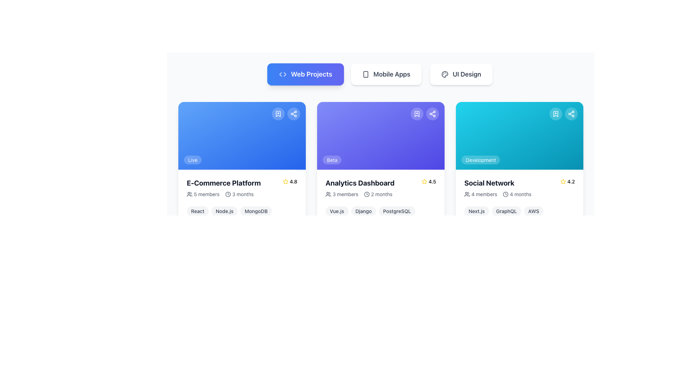 The image size is (678, 381). Describe the element at coordinates (432, 114) in the screenshot. I see `the sharing icon located inside the rounded button in the top-right corner of the second card in a horizontal list of cards` at that location.